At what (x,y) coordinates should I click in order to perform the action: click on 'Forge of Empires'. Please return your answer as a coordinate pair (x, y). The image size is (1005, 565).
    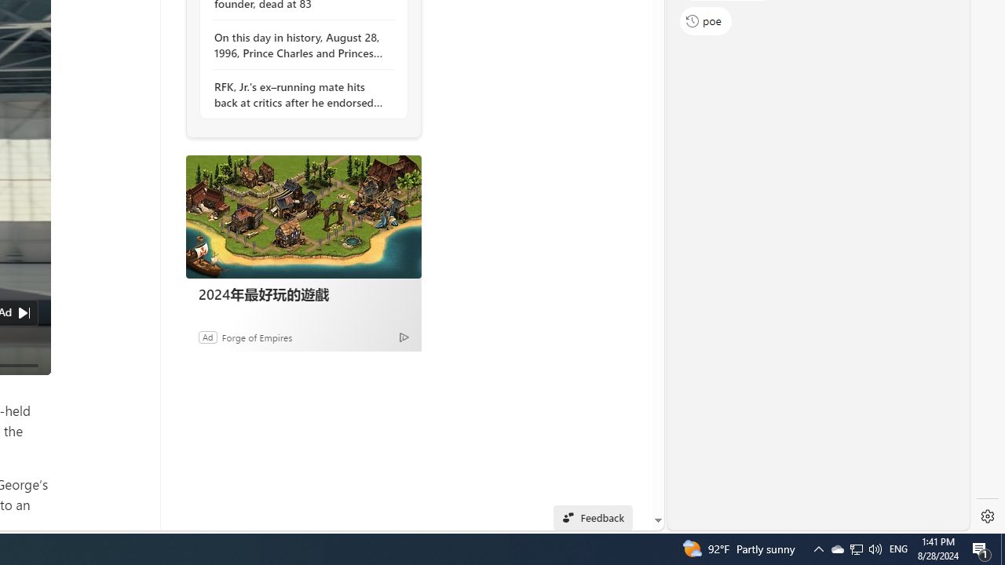
    Looking at the image, I should click on (257, 336).